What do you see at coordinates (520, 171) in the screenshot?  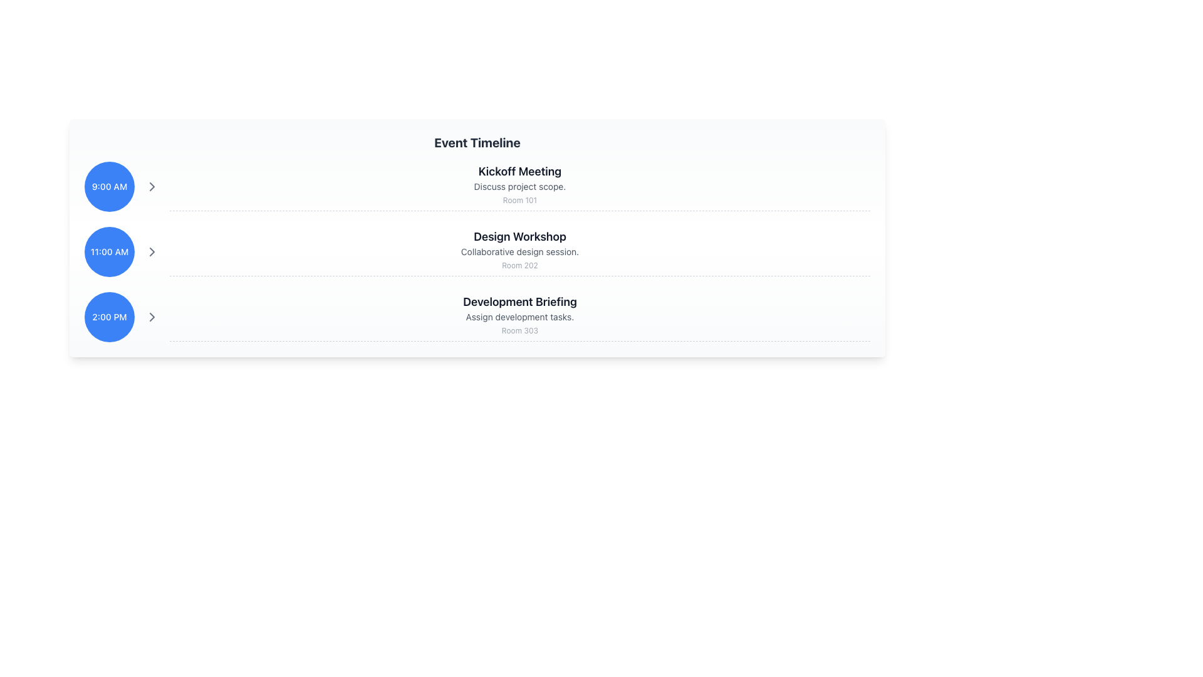 I see `the 'Kickoff Meeting' text label, which is styled with a bold font and larger size, located at the top of the '9:00 AM' section in the event timeline interface` at bounding box center [520, 171].